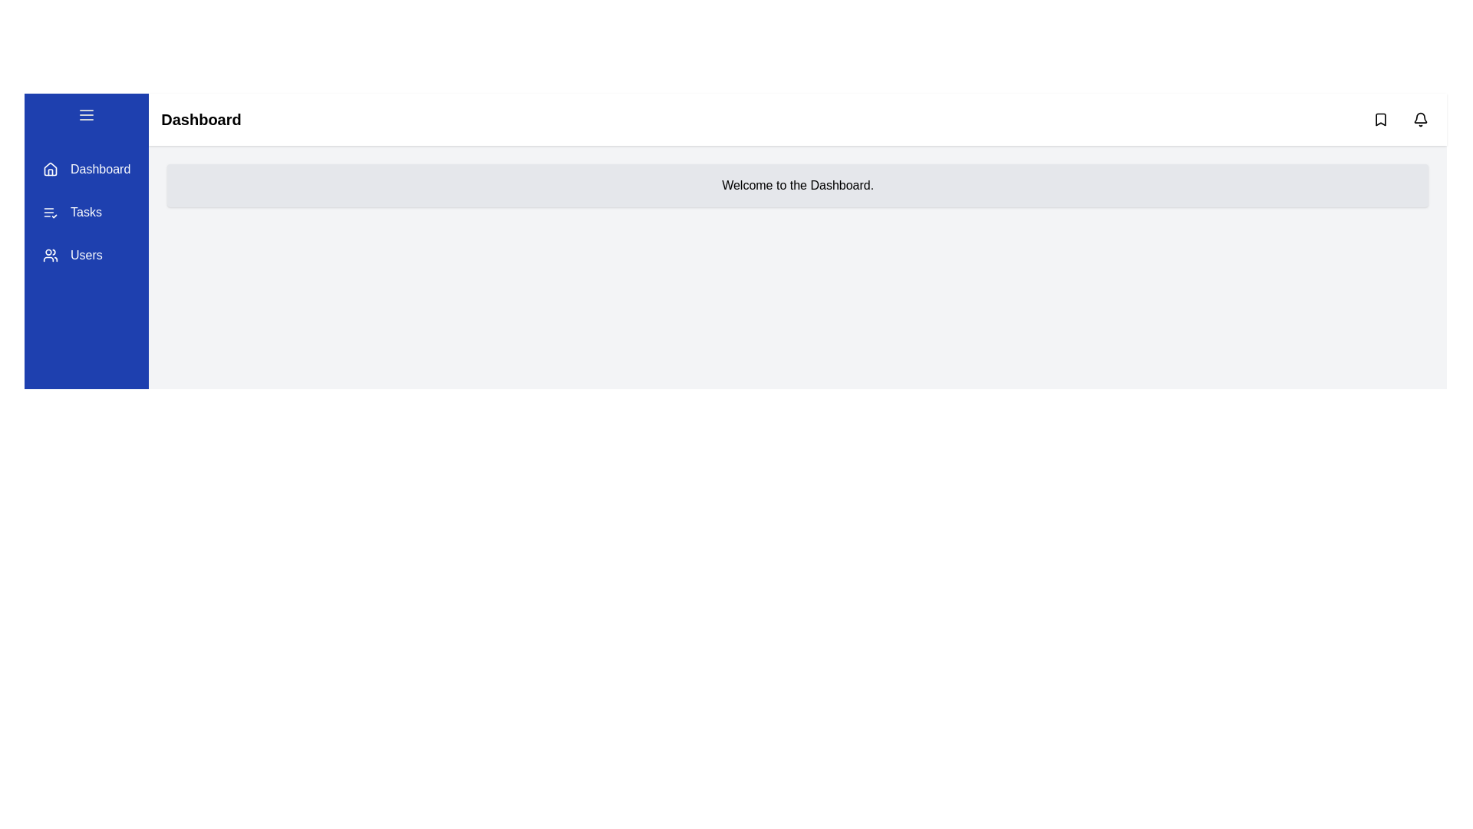 The image size is (1473, 829). What do you see at coordinates (71, 254) in the screenshot?
I see `the third item in the vertical navigation list, located below the 'Tasks' menu item` at bounding box center [71, 254].